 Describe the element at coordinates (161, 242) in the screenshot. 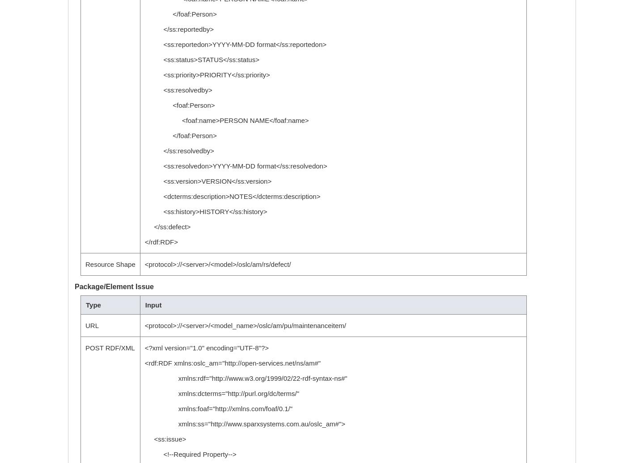

I see `'</rdf:RDF>'` at that location.